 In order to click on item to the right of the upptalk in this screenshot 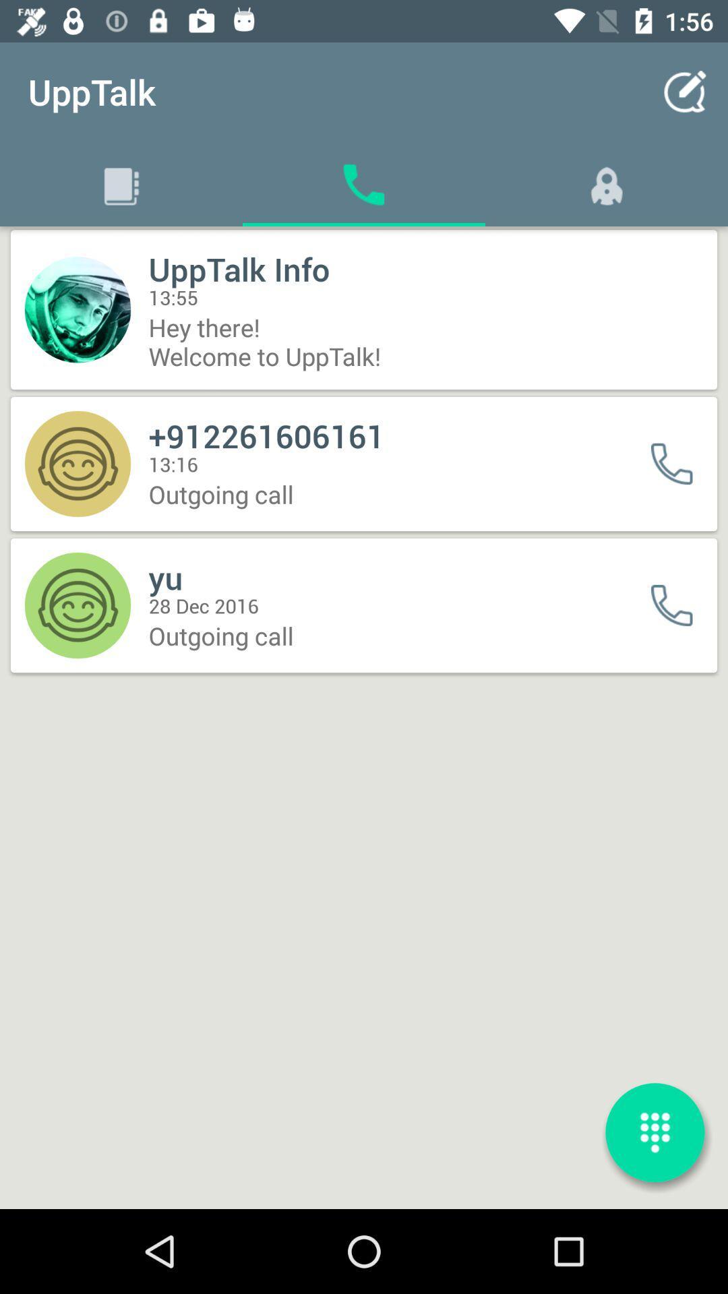, I will do `click(686, 91)`.